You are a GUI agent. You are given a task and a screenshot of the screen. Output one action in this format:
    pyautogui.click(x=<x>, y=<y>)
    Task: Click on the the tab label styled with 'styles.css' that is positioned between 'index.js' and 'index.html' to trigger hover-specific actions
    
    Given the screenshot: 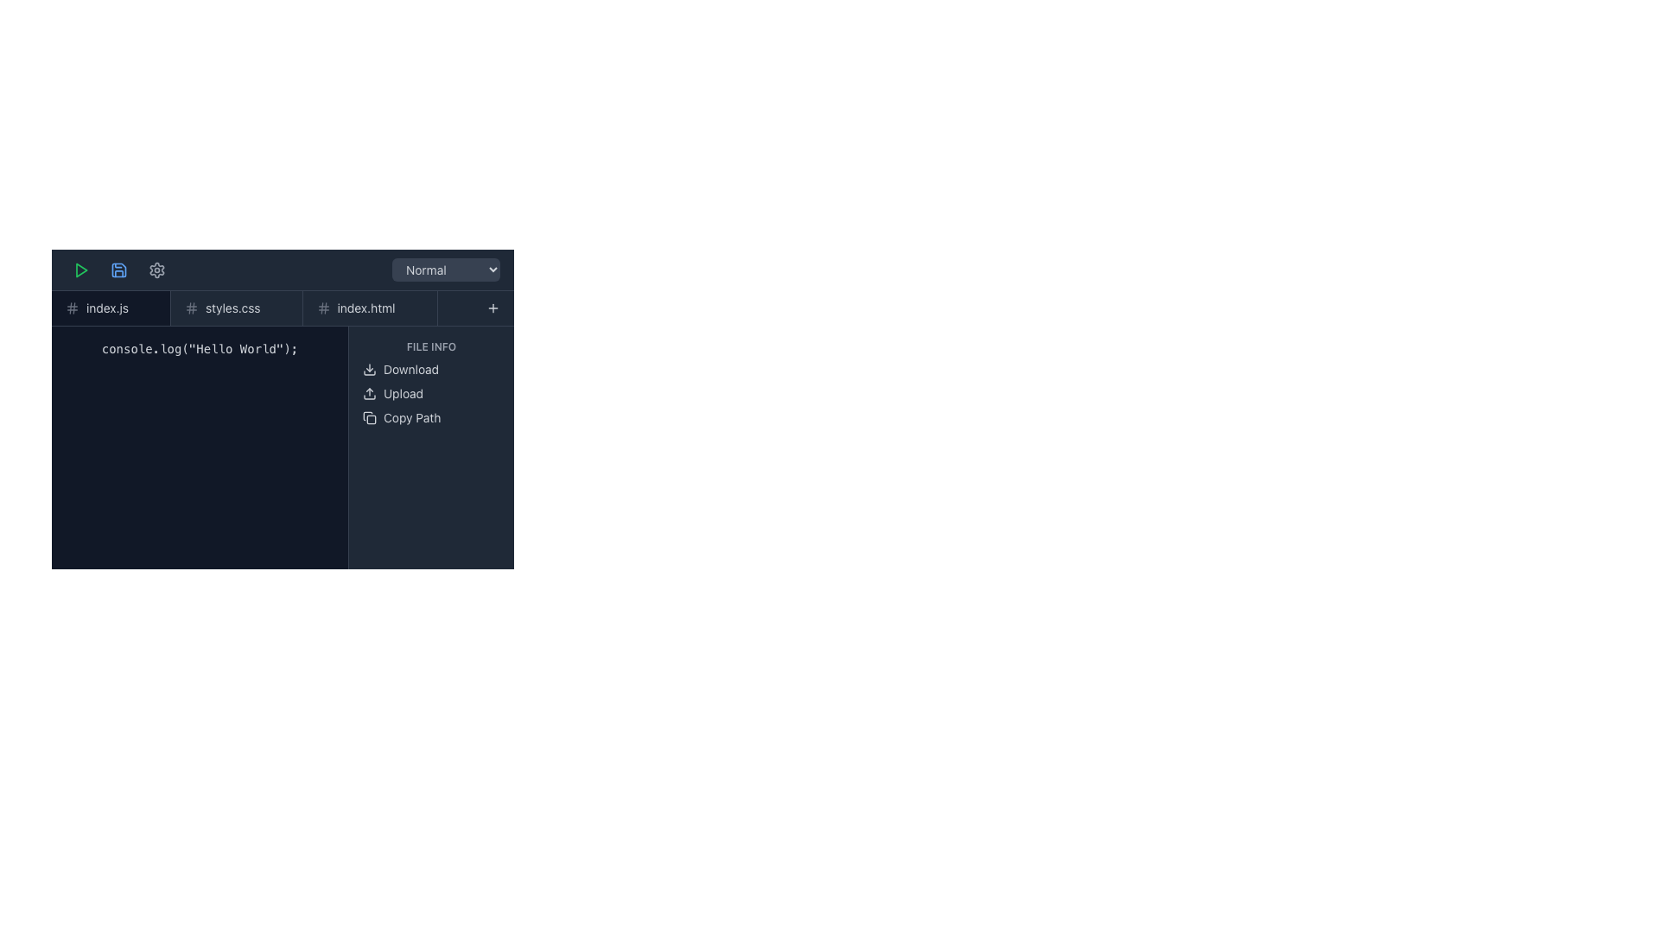 What is the action you would take?
    pyautogui.click(x=236, y=308)
    